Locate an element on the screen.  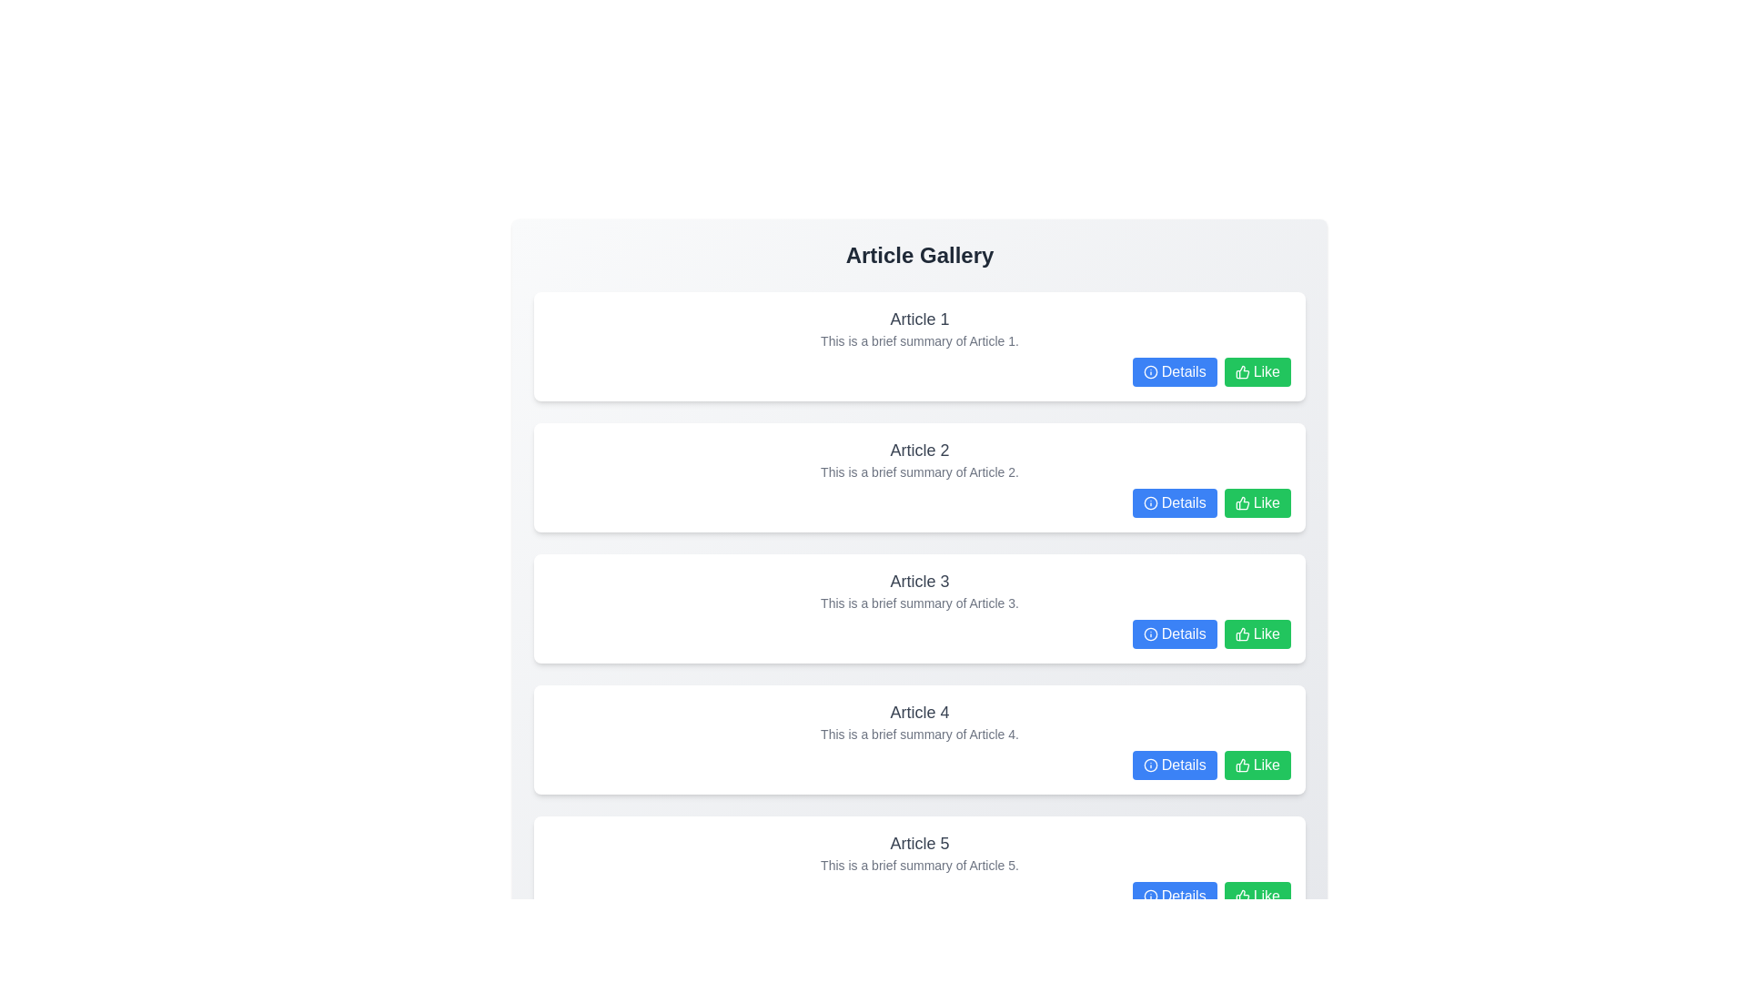
the first button in the rightmost section of the bottom-most row in the vertical list of cards is located at coordinates (1175, 895).